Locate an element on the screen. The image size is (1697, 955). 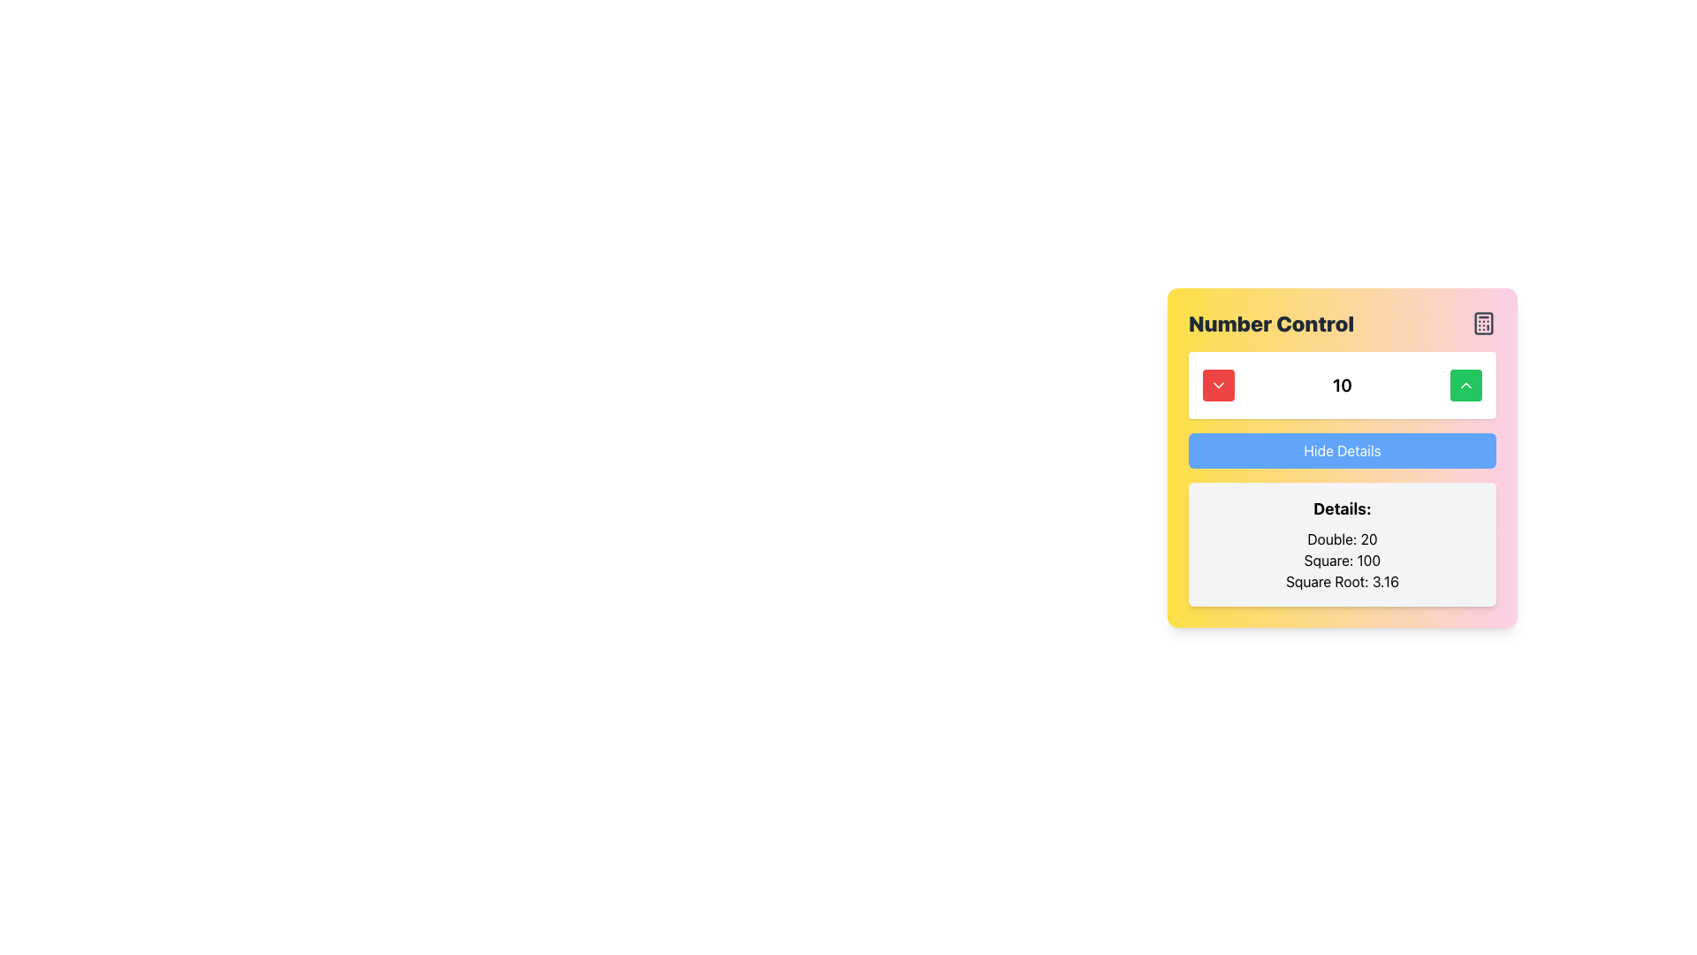
the chevron icon inside the green button located at the top-right of the 'Number Control' card to increment the number displayed in the central field is located at coordinates (1466, 384).